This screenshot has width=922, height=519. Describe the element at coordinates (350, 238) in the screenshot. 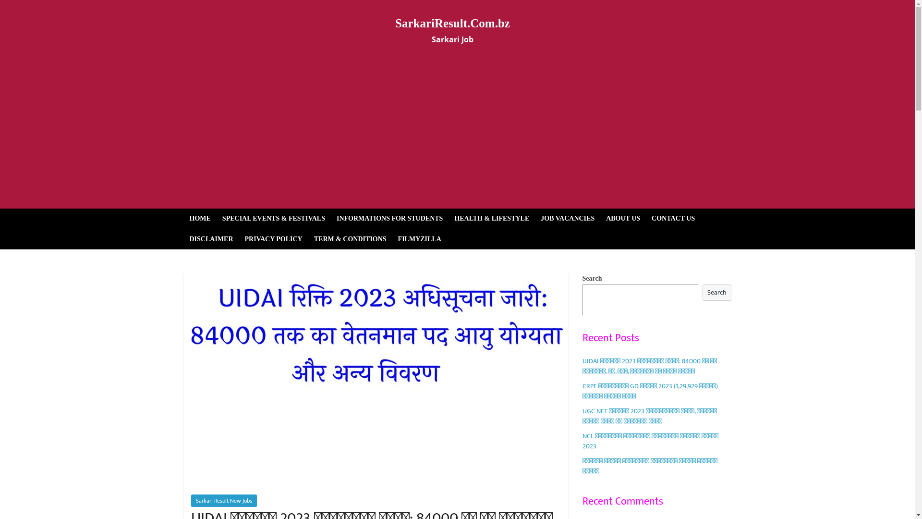

I see `'TERM & CONDITIONS'` at that location.